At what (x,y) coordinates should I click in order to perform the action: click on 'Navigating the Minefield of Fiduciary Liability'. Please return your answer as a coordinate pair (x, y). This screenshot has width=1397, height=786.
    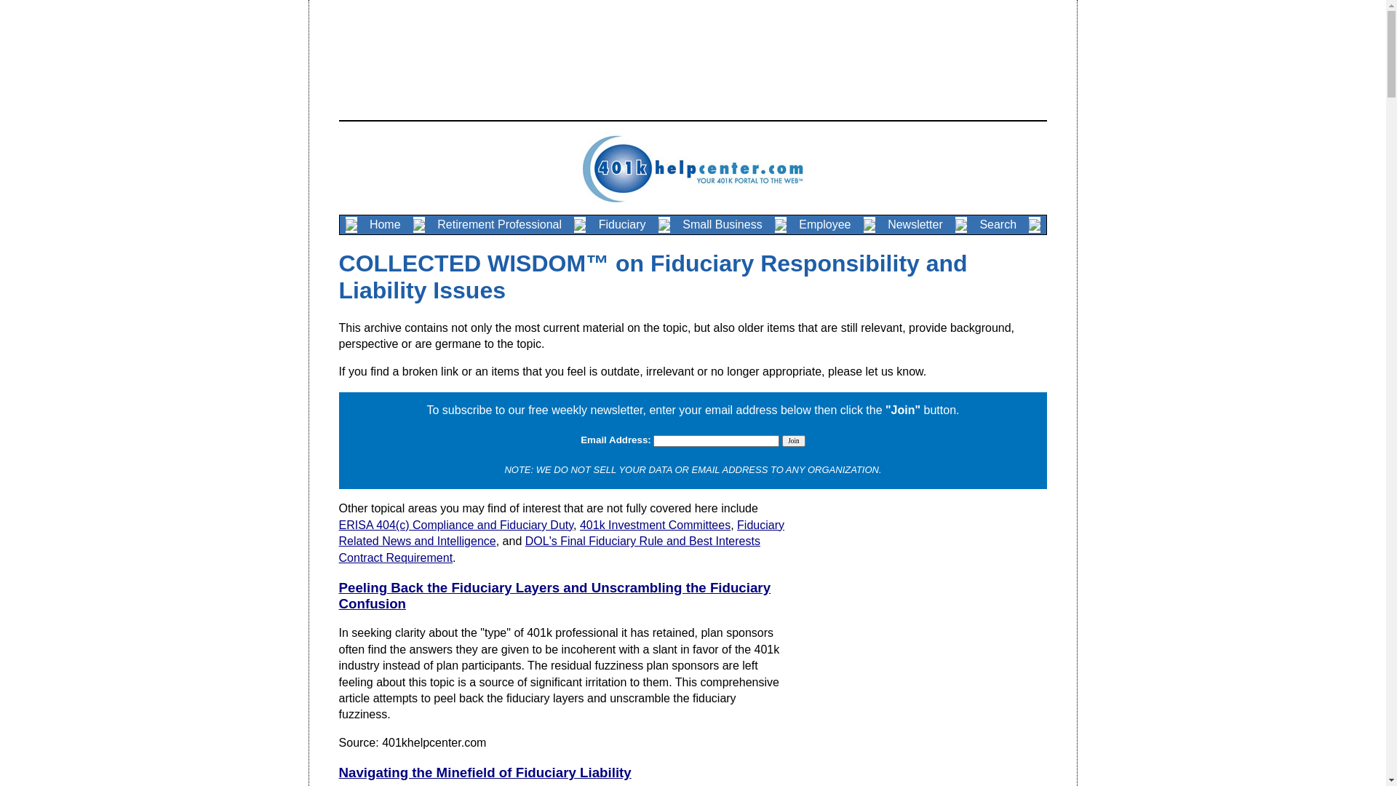
    Looking at the image, I should click on (485, 771).